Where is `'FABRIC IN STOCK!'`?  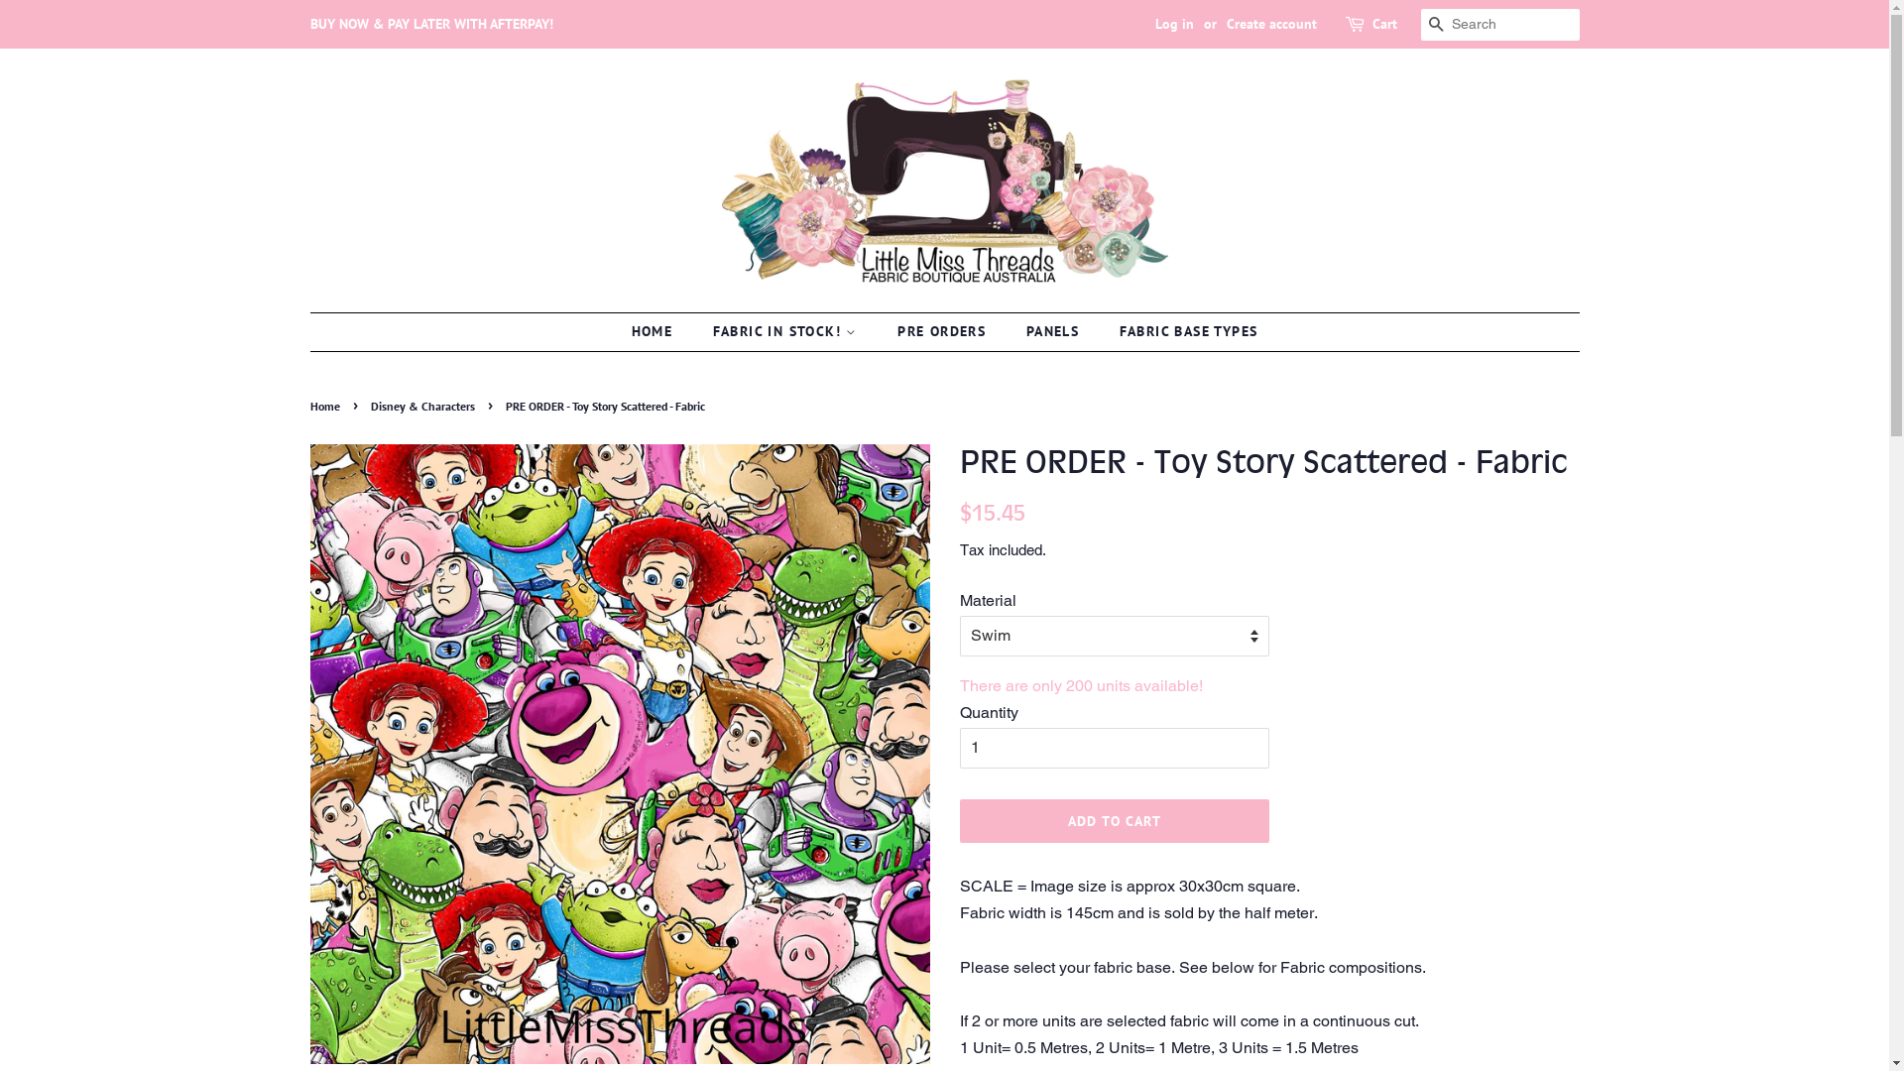
'FABRIC IN STOCK!' is located at coordinates (786, 331).